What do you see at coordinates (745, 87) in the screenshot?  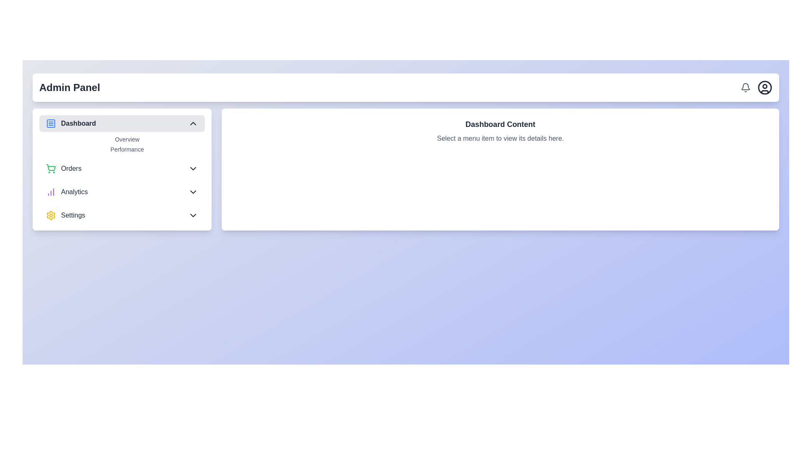 I see `the bell-shaped notification icon with a dark gray outline` at bounding box center [745, 87].